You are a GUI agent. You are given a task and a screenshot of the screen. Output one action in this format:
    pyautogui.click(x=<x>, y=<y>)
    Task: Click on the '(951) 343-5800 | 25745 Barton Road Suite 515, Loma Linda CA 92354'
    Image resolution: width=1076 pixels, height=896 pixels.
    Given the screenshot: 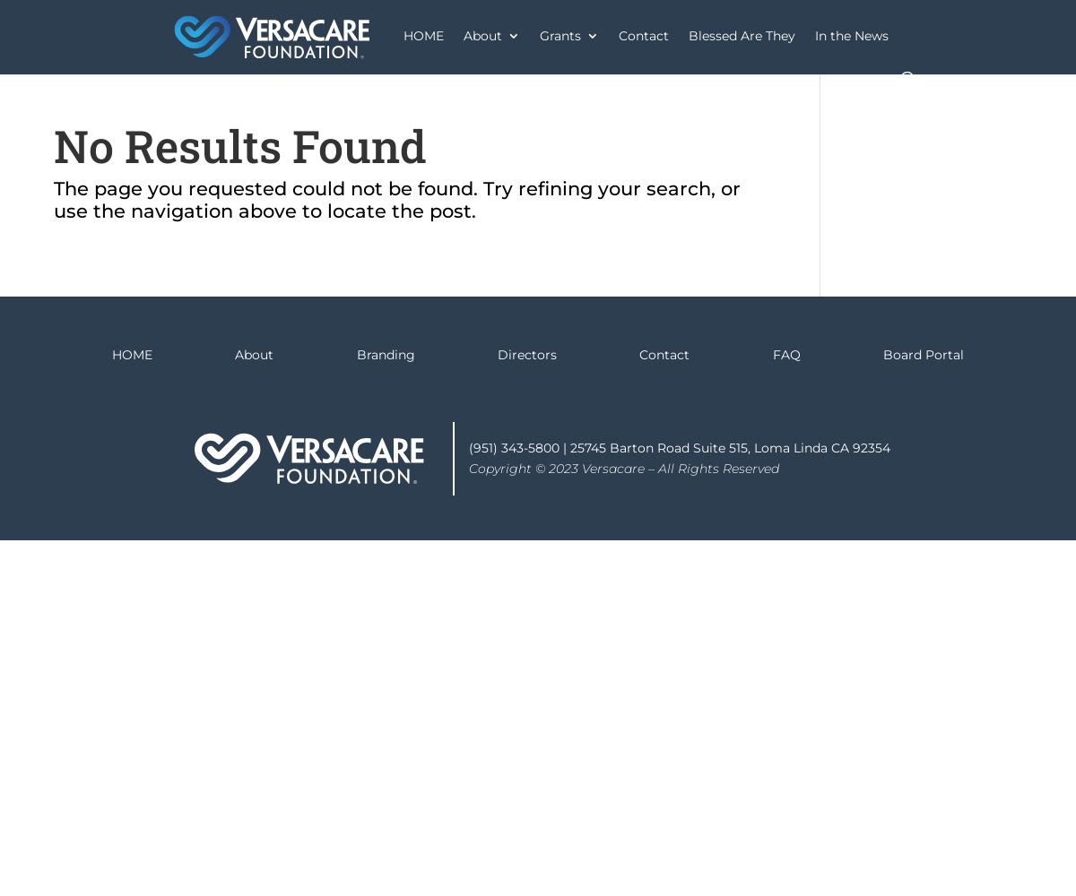 What is the action you would take?
    pyautogui.click(x=679, y=448)
    